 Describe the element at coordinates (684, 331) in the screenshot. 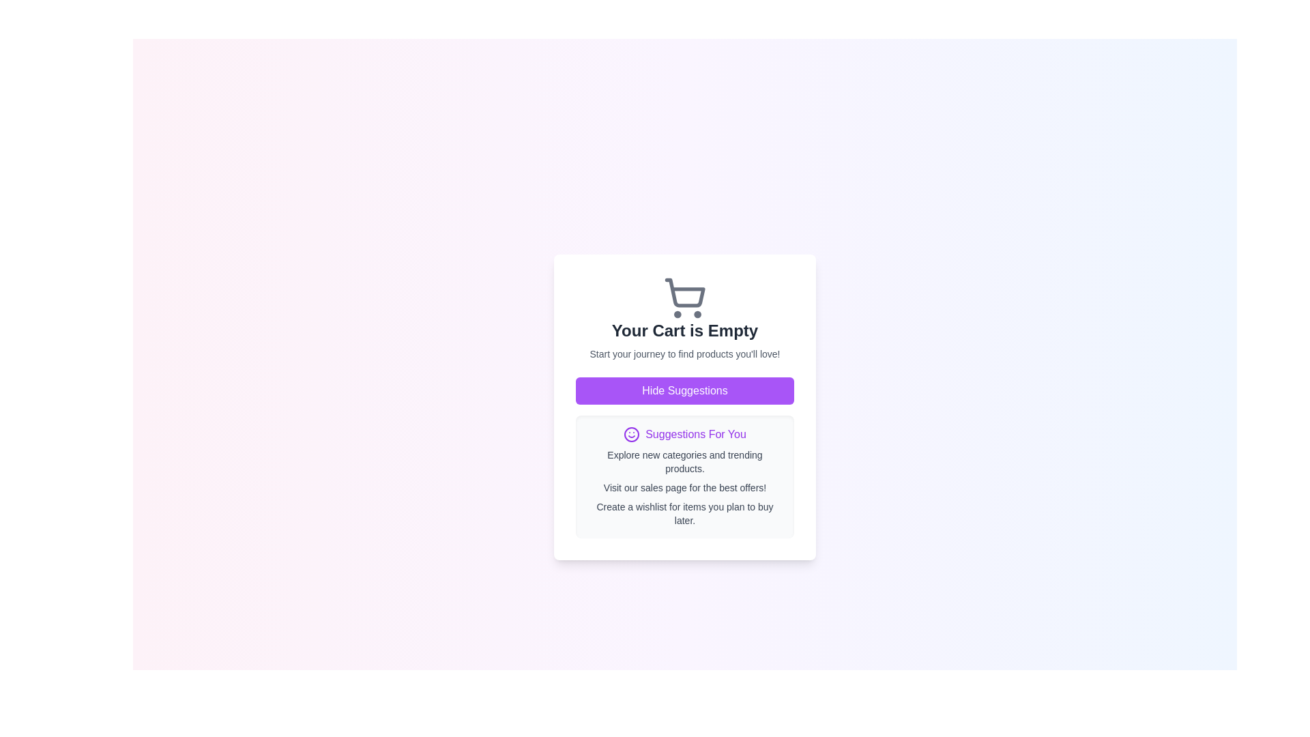

I see `the static informational text displaying 'Your Cart is Empty', which is styled in a large bold font and dark gray color, centrally located within the interface` at that location.